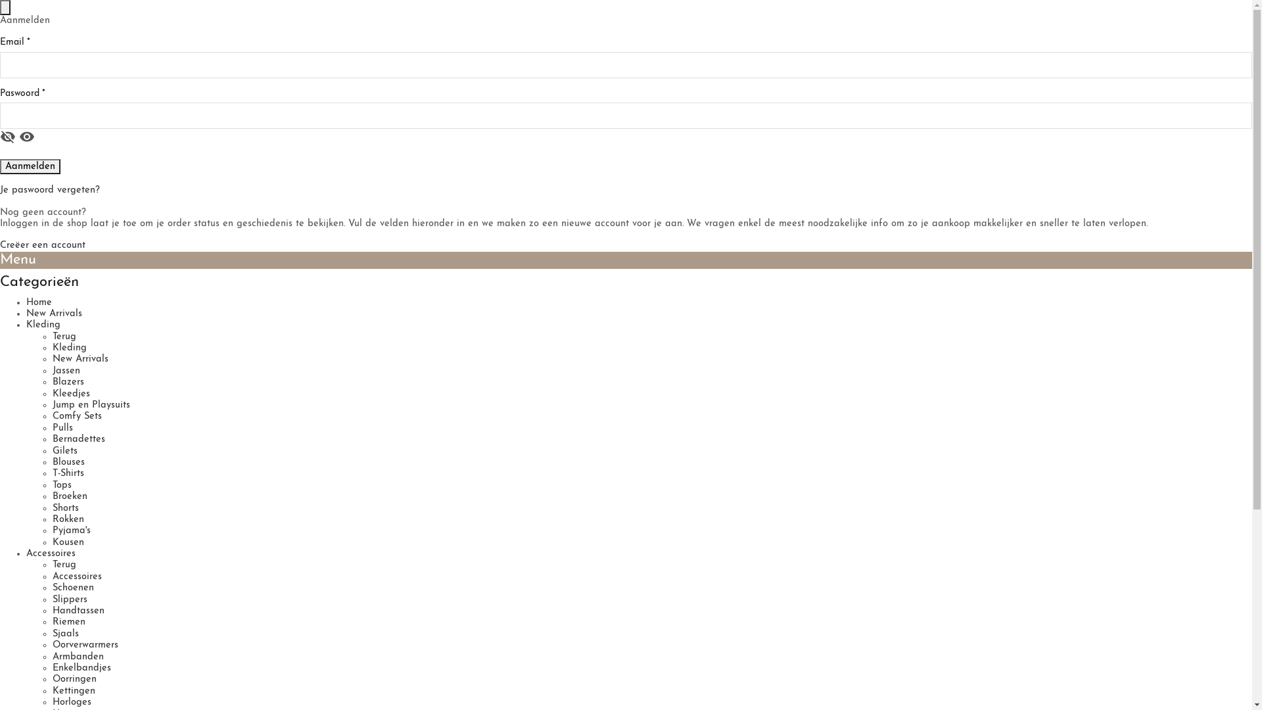 This screenshot has height=710, width=1262. What do you see at coordinates (53, 508) in the screenshot?
I see `'Shorts'` at bounding box center [53, 508].